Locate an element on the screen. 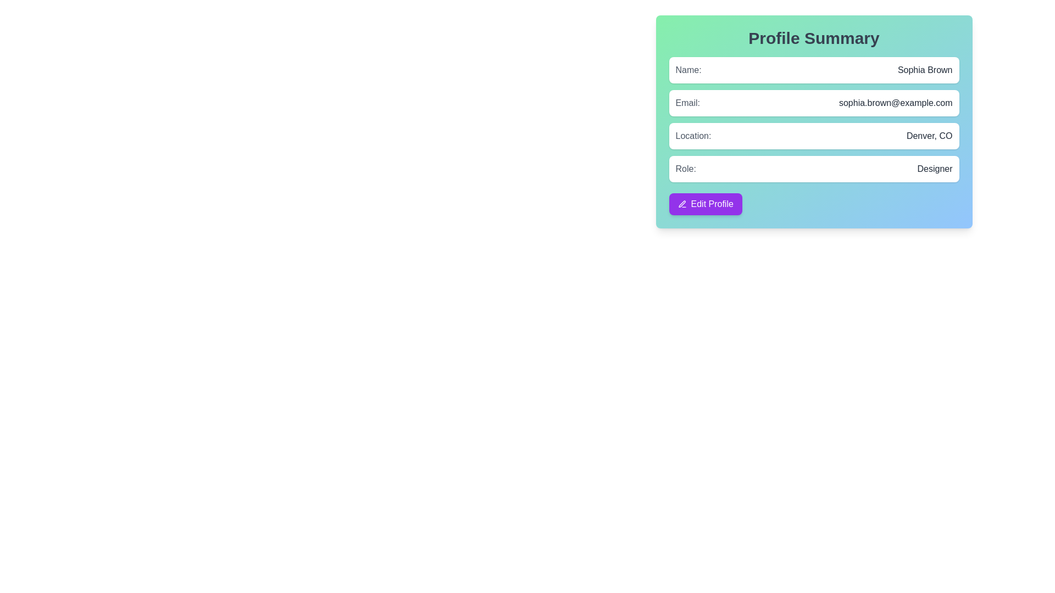 The width and height of the screenshot is (1055, 593). the text label displaying the job title 'Designer', which is located in the bottom section of the 'Profile Summary' box, aligned to the right of the label 'Role:' is located at coordinates (934, 169).